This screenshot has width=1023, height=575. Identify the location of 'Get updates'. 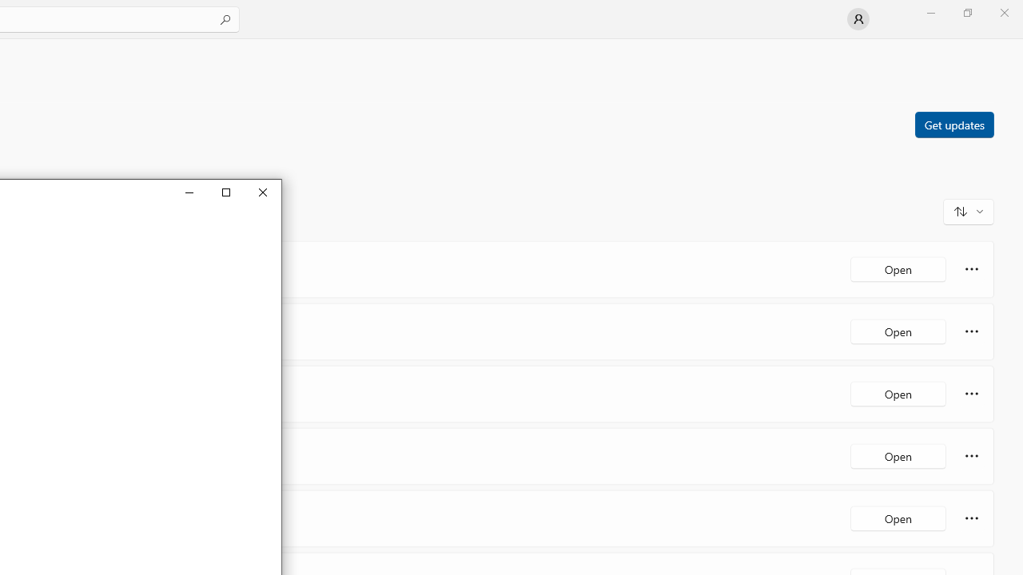
(953, 123).